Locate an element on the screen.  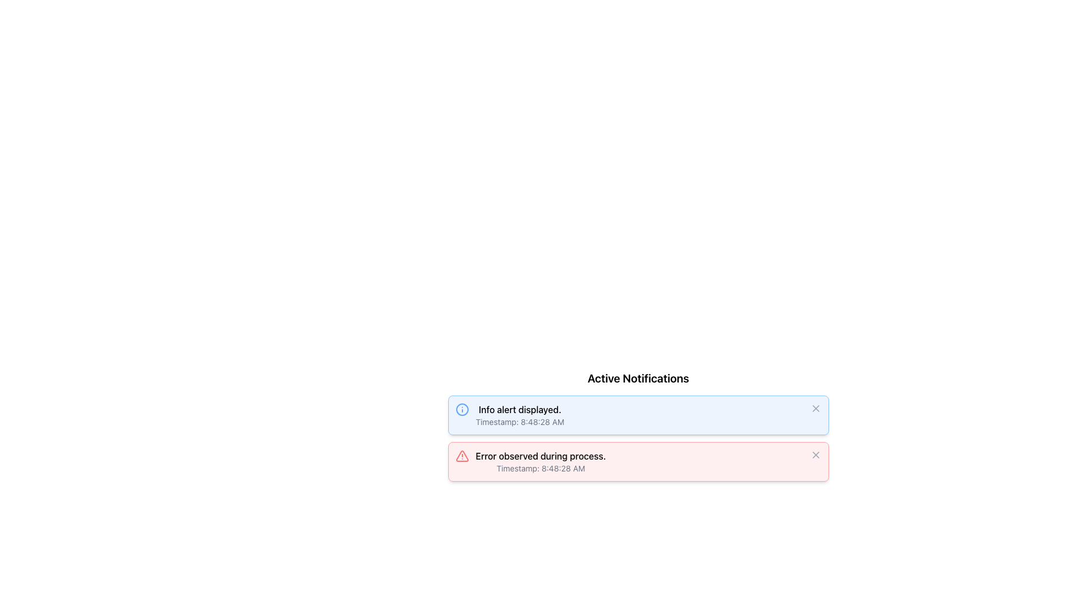
the text display that provides the timestamp for the notification underneath 'Info alert displayed.' within the blue notification box is located at coordinates (519, 422).